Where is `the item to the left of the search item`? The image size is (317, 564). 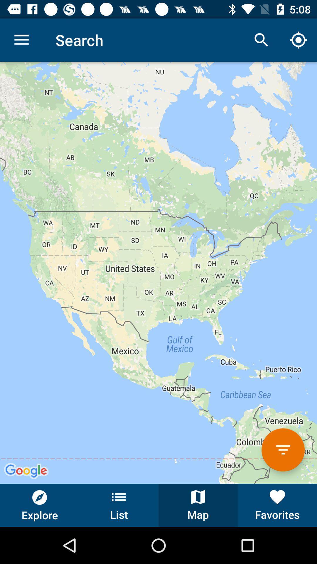 the item to the left of the search item is located at coordinates (21, 40).